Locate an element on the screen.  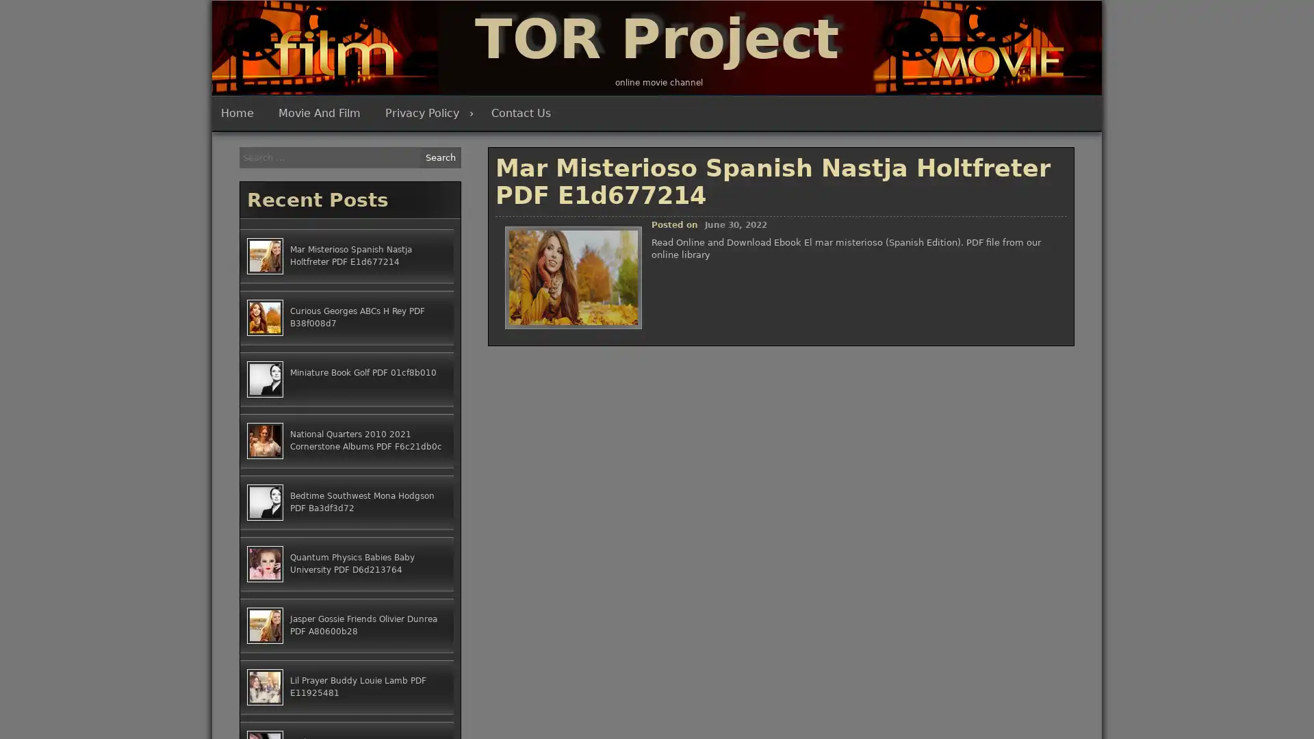
Search is located at coordinates (440, 157).